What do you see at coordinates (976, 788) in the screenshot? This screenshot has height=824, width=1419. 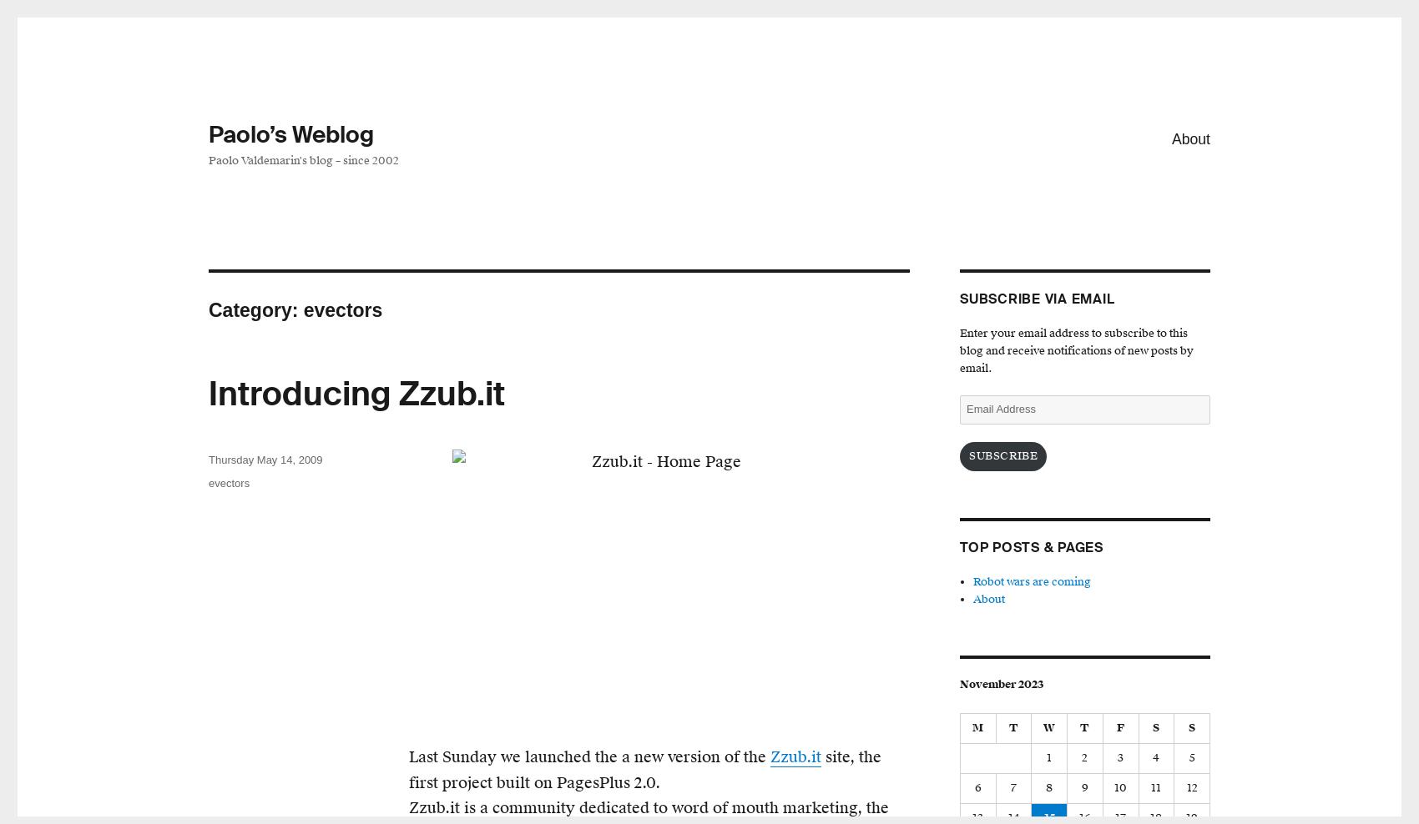 I see `'6'` at bounding box center [976, 788].